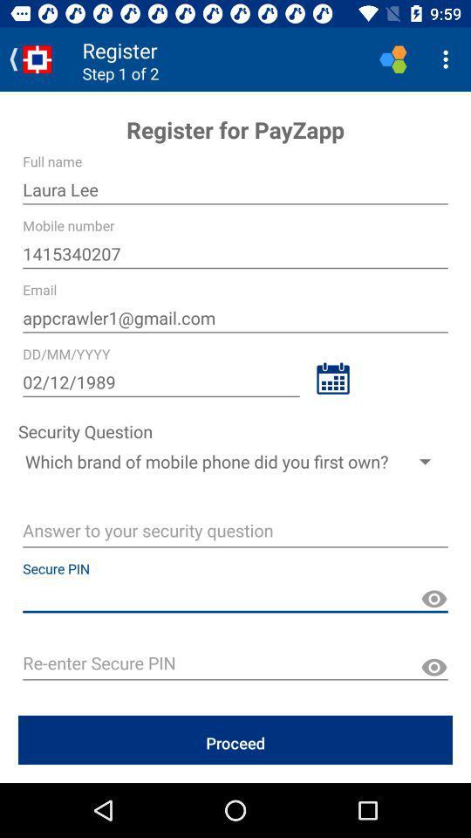 Image resolution: width=471 pixels, height=838 pixels. Describe the element at coordinates (433, 599) in the screenshot. I see `secure information` at that location.